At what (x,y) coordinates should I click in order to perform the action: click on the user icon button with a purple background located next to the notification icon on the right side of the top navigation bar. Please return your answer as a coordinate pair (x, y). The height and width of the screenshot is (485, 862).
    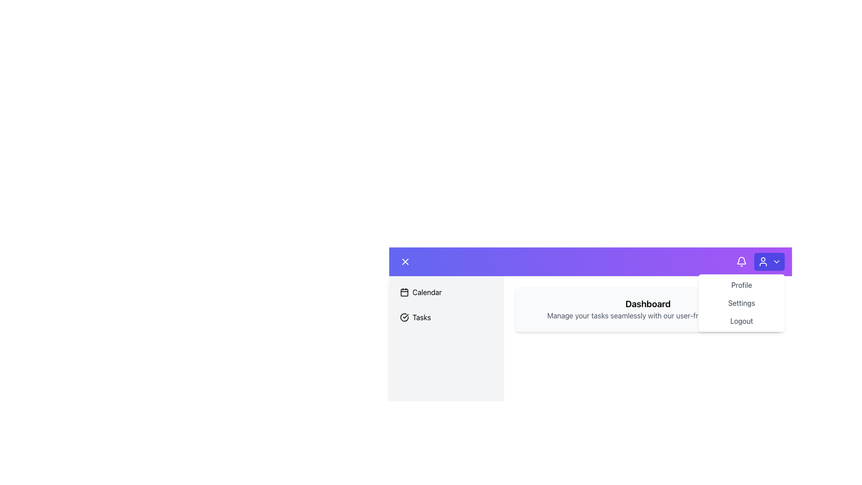
    Looking at the image, I should click on (760, 261).